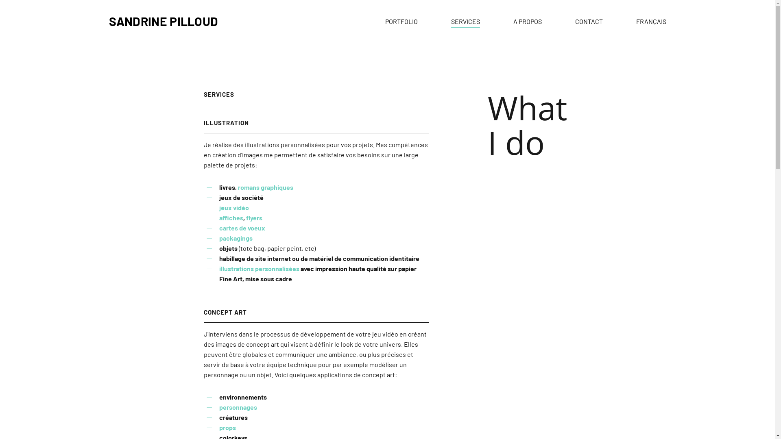 The height and width of the screenshot is (439, 781). Describe the element at coordinates (265, 187) in the screenshot. I see `'romans graphiques'` at that location.